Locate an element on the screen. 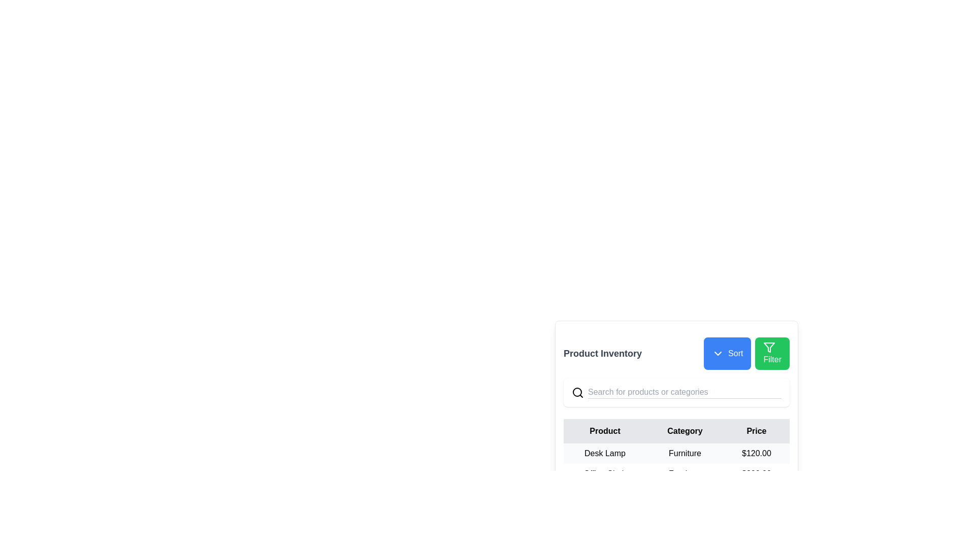 This screenshot has height=548, width=975. the static text label displaying 'Furniture' in the middle column of the table row for 'Office Chair' is located at coordinates (685, 473).